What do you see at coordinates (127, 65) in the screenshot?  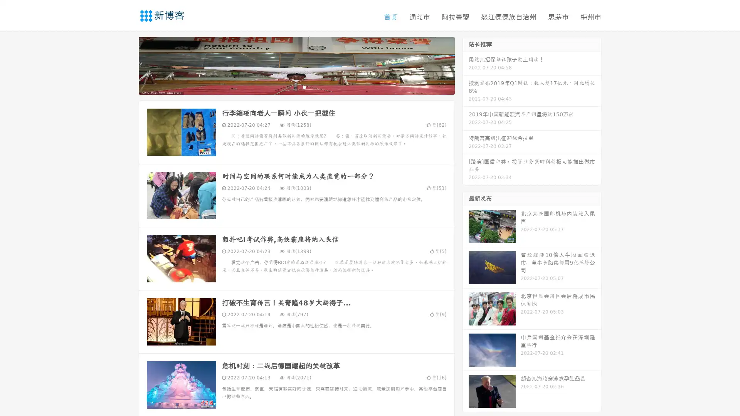 I see `Previous slide` at bounding box center [127, 65].